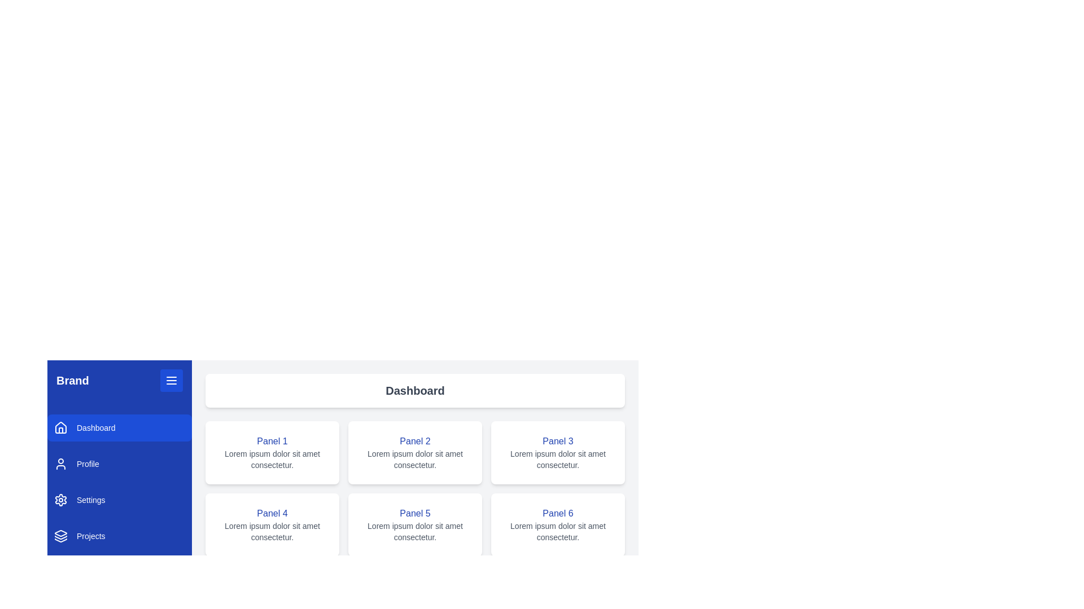 The image size is (1084, 609). Describe the element at coordinates (558, 459) in the screenshot. I see `the static text content reading 'Lorem ipsum dolor sit amet consectetur.' that is located within the card titled 'Panel 3'` at that location.